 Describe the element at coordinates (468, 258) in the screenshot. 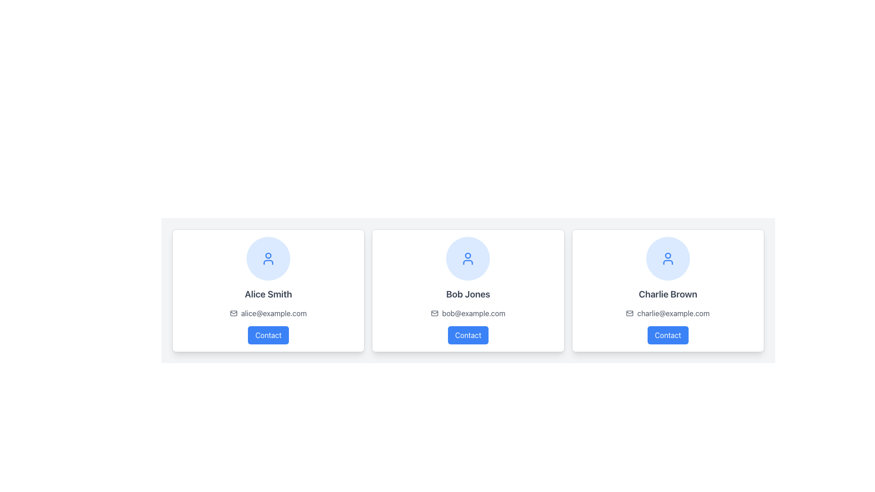

I see `the user outline icon, which is depicted in a minimalistic style with thin blue strokes, located at the top-center of the second card in a row of three cards` at that location.